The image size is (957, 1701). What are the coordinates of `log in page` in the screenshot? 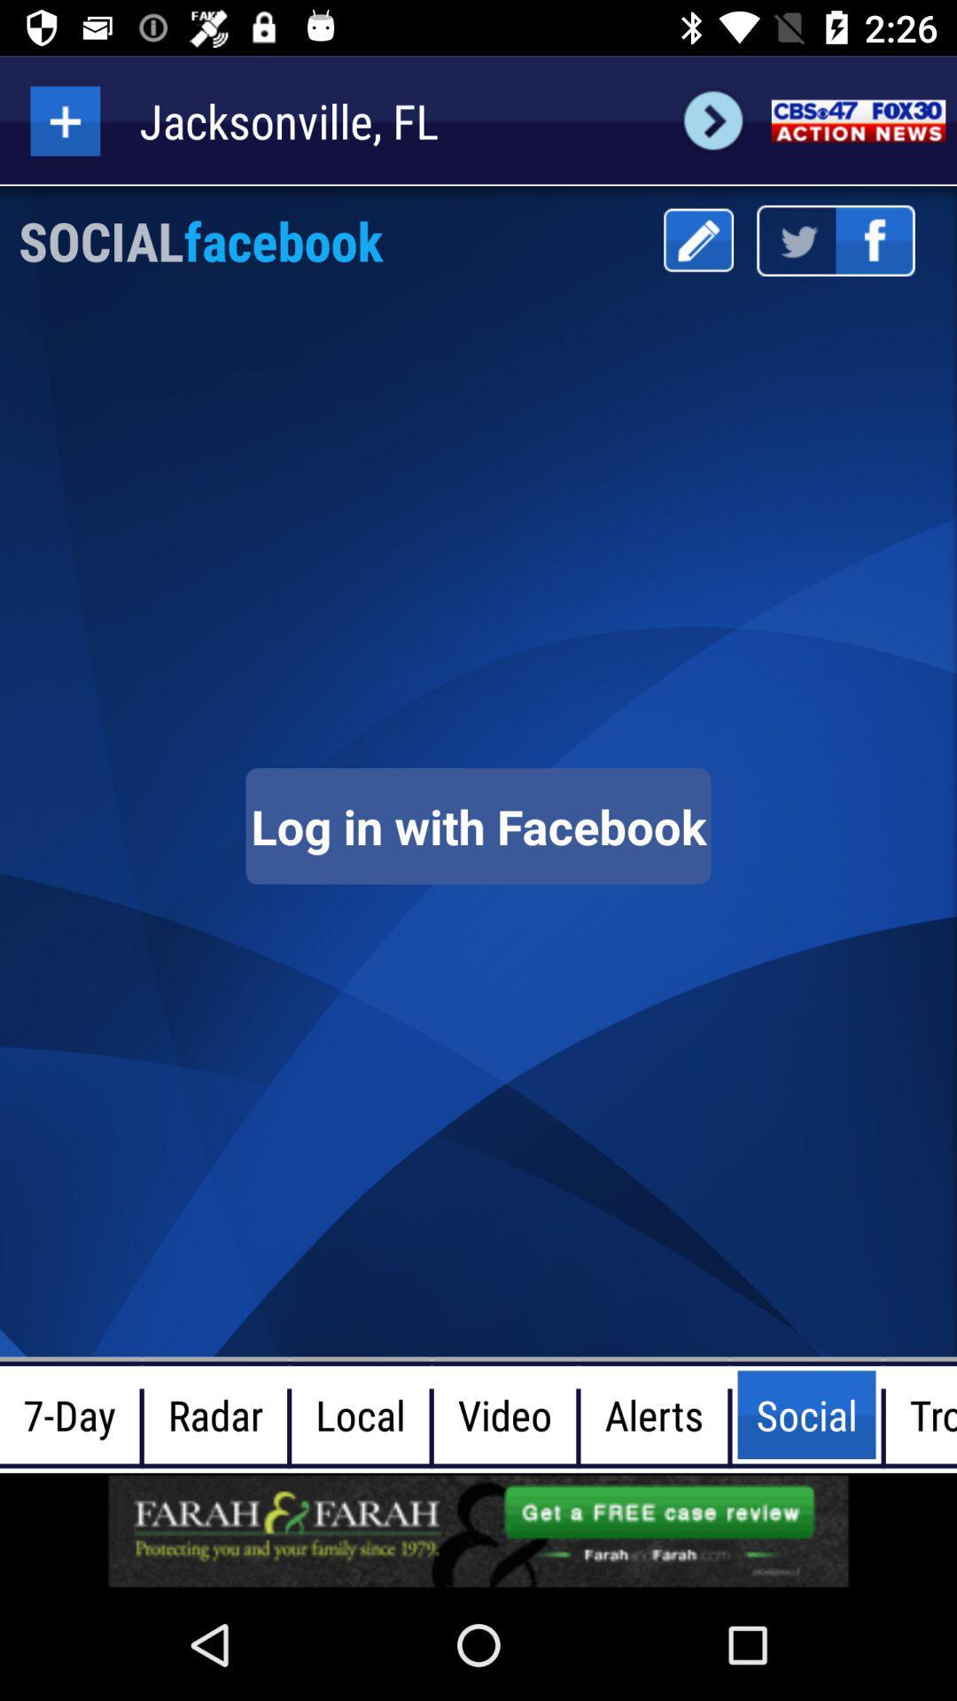 It's located at (478, 825).